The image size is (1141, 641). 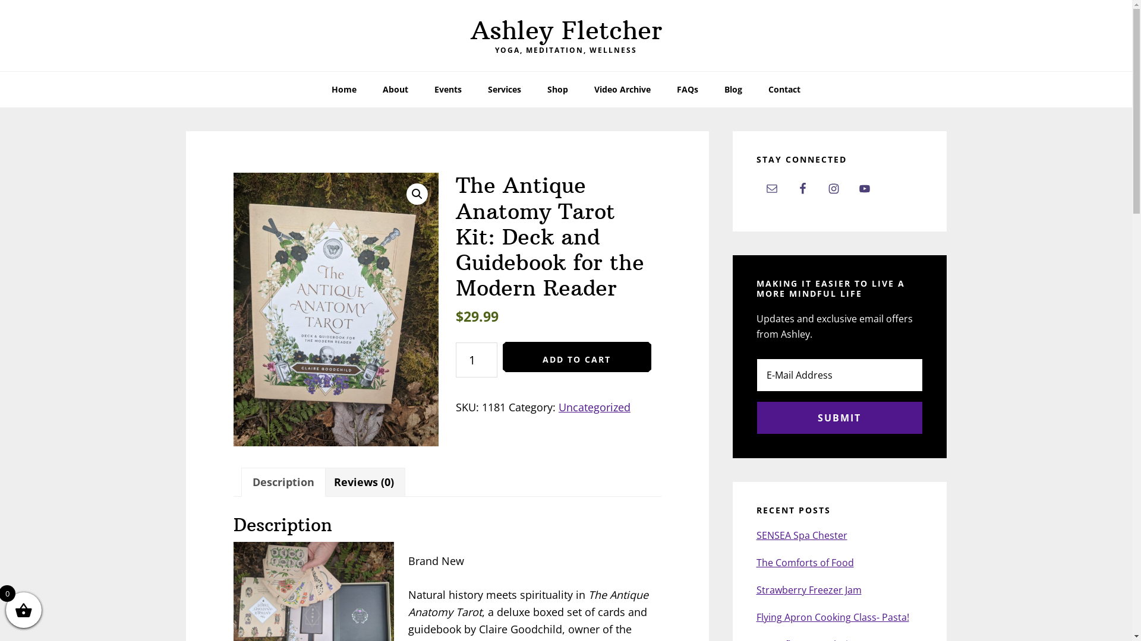 What do you see at coordinates (801, 535) in the screenshot?
I see `'SENSEA Spa Chester'` at bounding box center [801, 535].